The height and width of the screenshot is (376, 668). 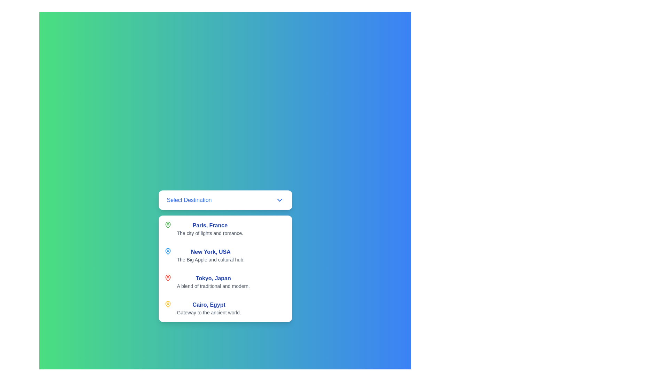 What do you see at coordinates (208, 308) in the screenshot?
I see `the Text element displaying 'Cairo, Egypt'` at bounding box center [208, 308].